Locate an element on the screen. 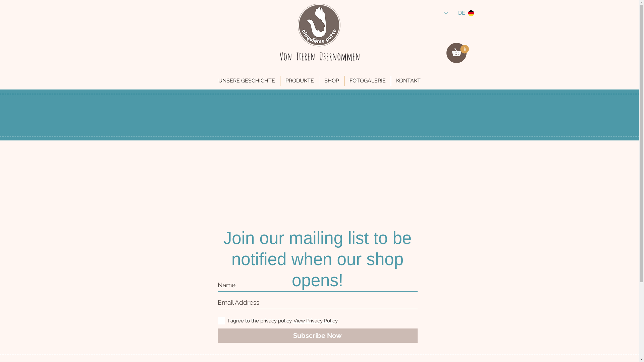 Image resolution: width=644 pixels, height=362 pixels. 'SHOP' is located at coordinates (331, 80).